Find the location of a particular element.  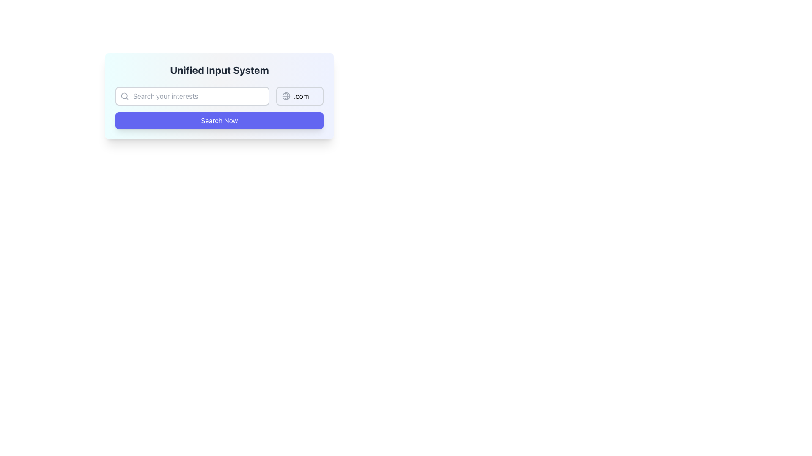

the text input field with rounded corners and a light gray border, which has the placeholder text 'Search your interests', to focus on it is located at coordinates (192, 95).